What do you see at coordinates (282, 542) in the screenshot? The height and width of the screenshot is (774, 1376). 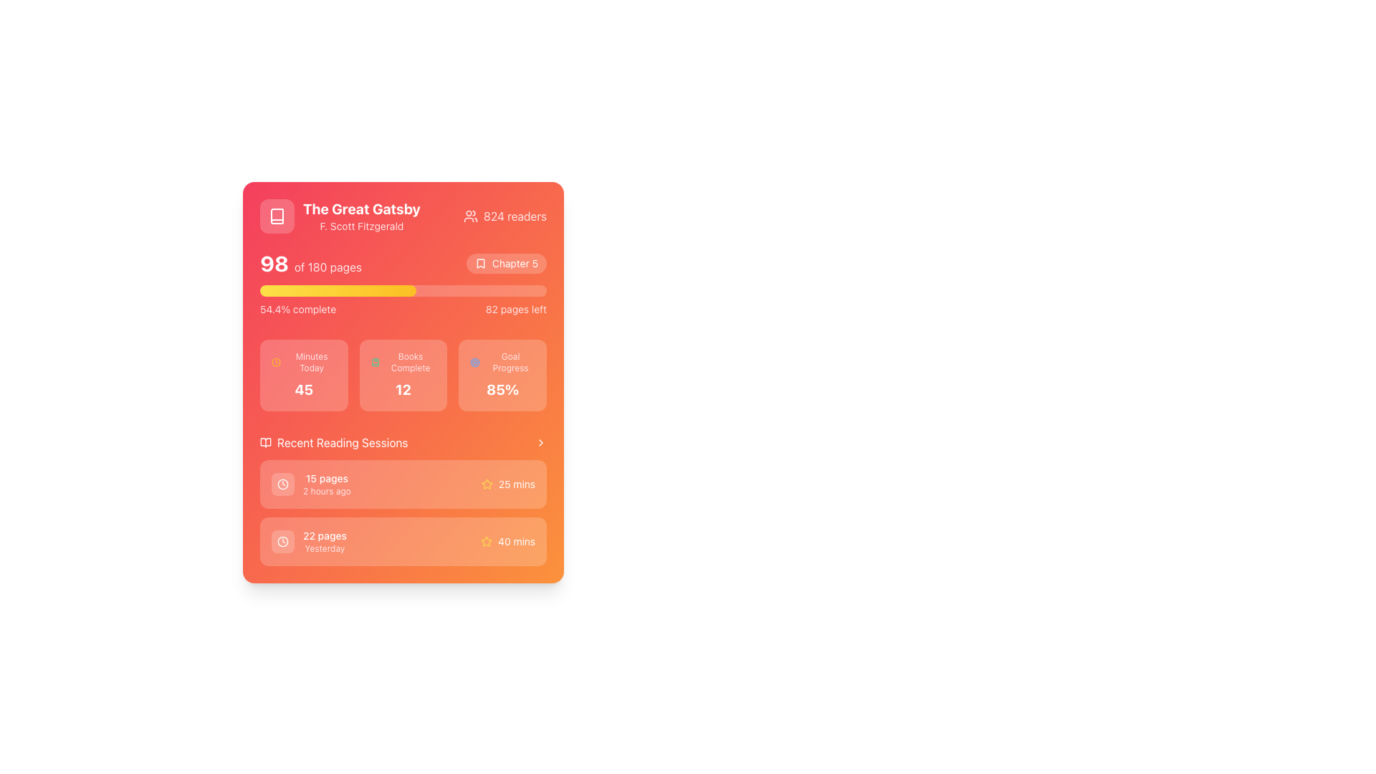 I see `the SVG Circle element, which is a circular outline located in the lower section of a card displaying recent reading sessions, positioned left of the text '22 pages Yesterday'` at bounding box center [282, 542].